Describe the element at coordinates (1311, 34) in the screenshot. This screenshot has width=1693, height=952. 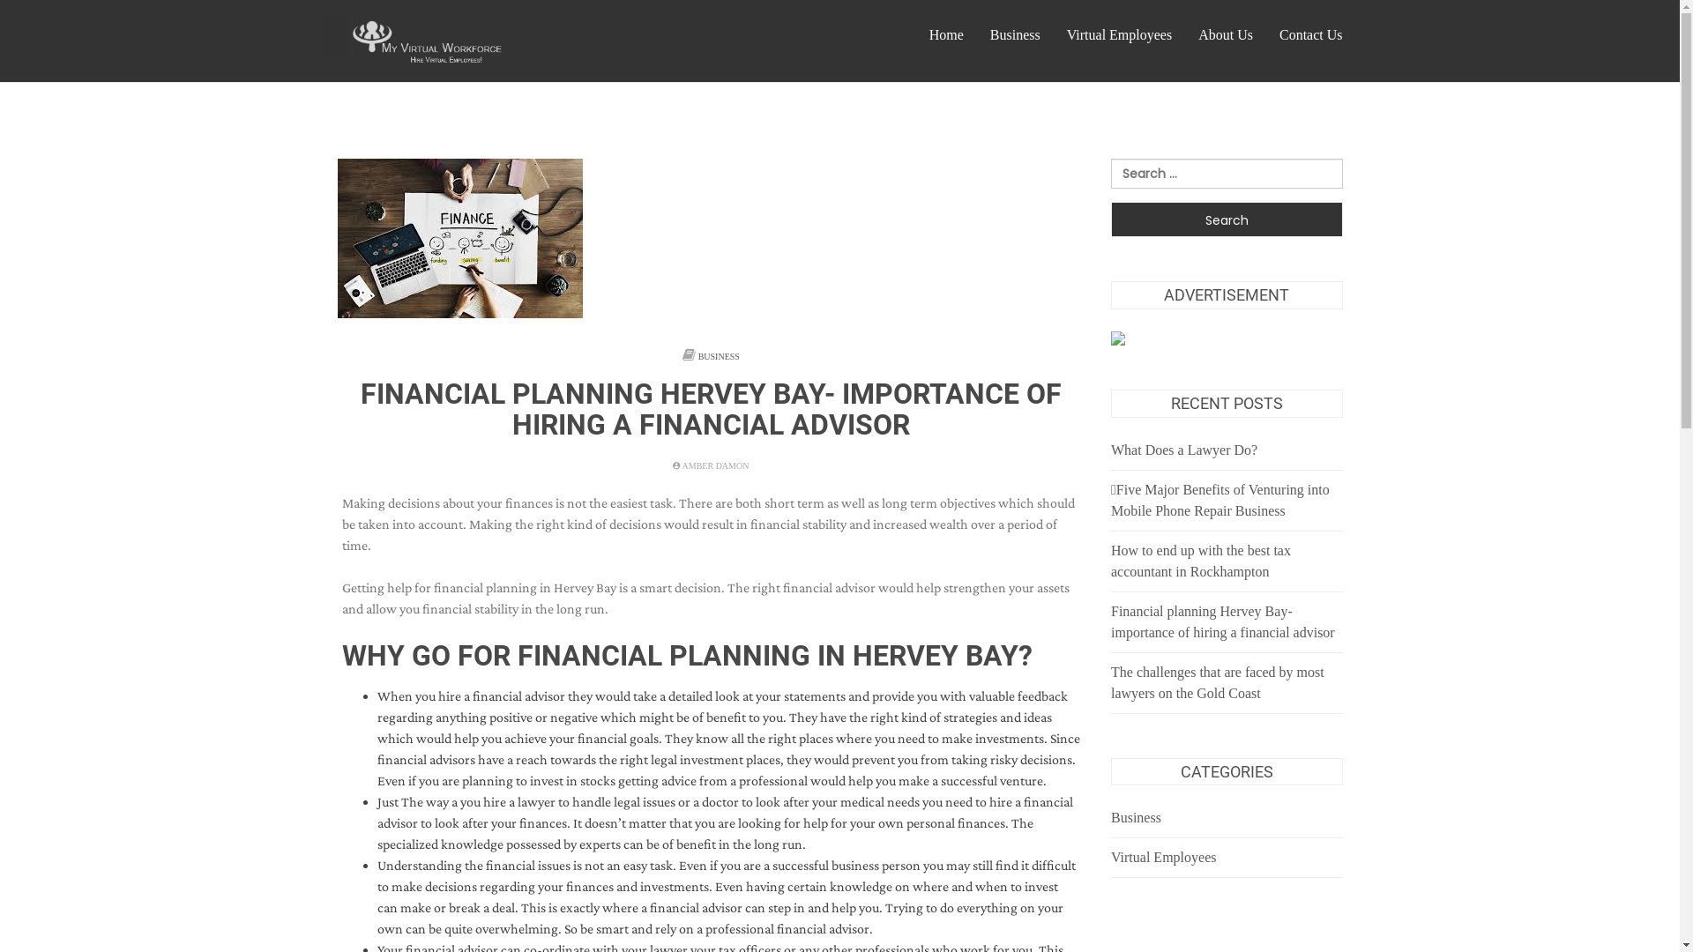
I see `'Contact Us'` at that location.